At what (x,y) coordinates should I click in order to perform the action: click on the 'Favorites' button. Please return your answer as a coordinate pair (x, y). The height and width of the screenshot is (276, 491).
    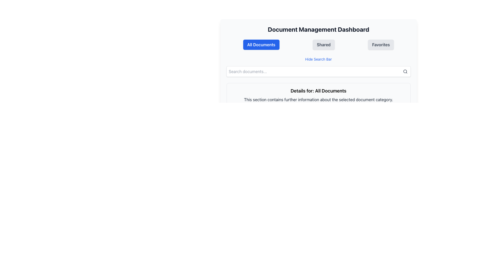
    Looking at the image, I should click on (381, 44).